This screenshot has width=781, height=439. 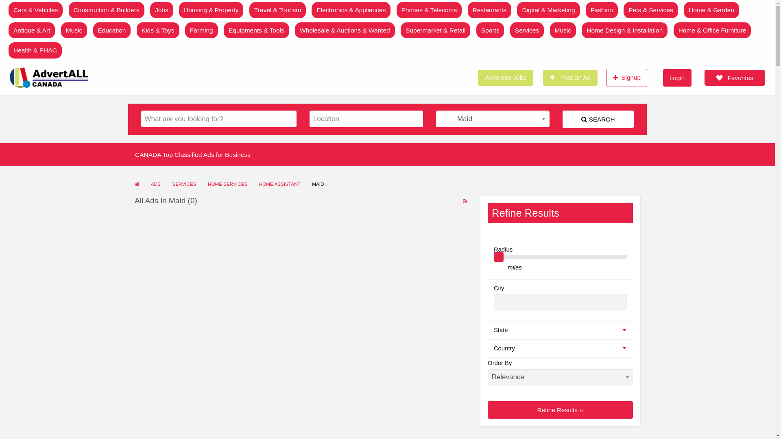 I want to click on 'Post an Ad', so click(x=543, y=78).